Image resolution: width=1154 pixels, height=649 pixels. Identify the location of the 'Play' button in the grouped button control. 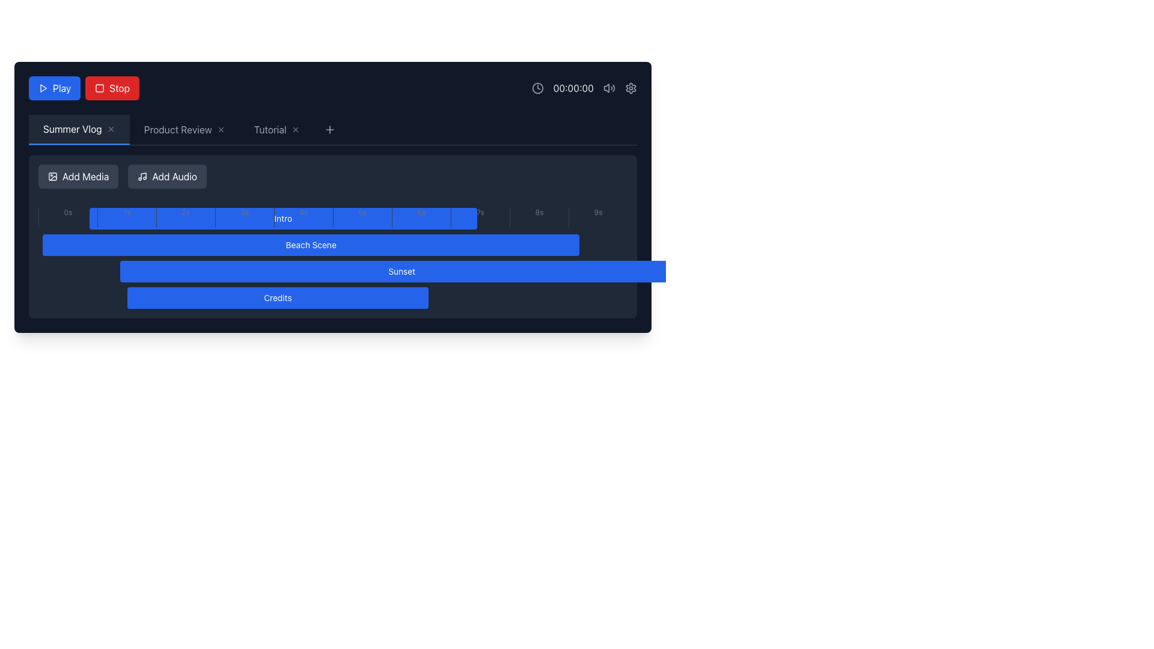
(83, 87).